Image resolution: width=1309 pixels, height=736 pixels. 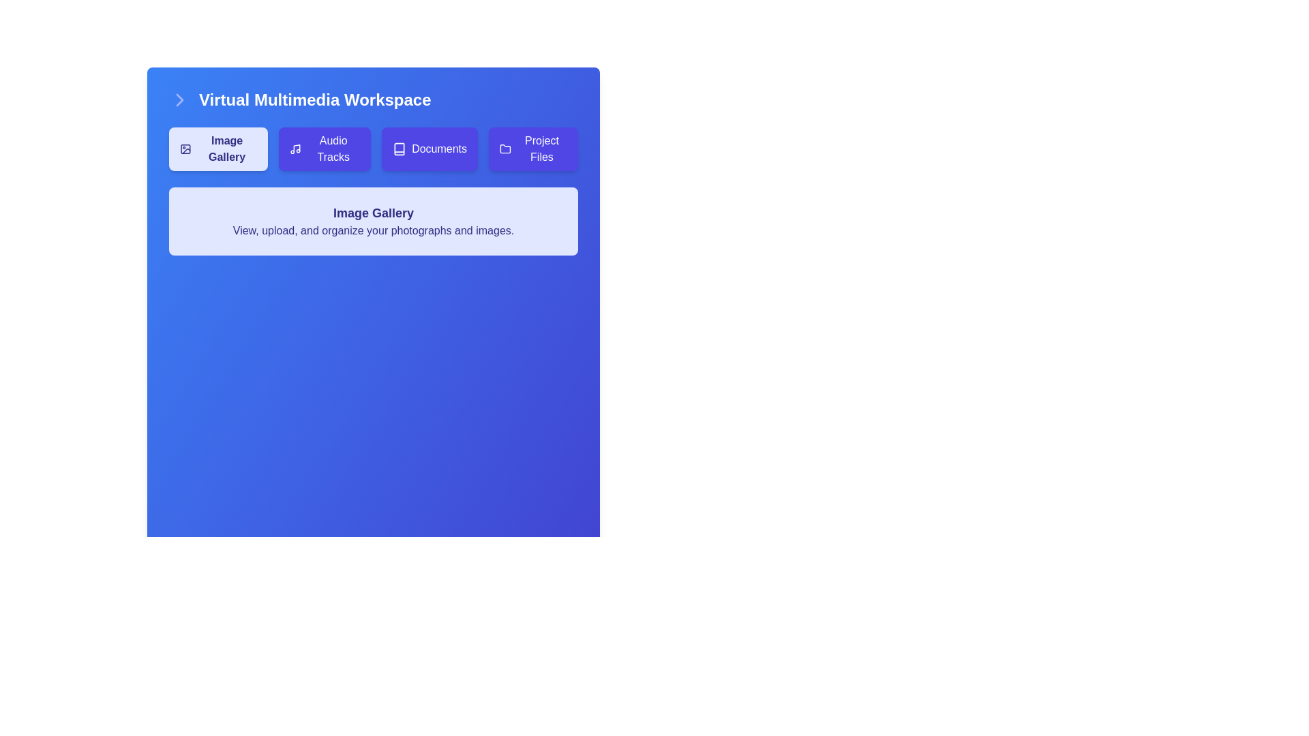 I want to click on the first button labeled 'Image Gallery', so click(x=218, y=149).